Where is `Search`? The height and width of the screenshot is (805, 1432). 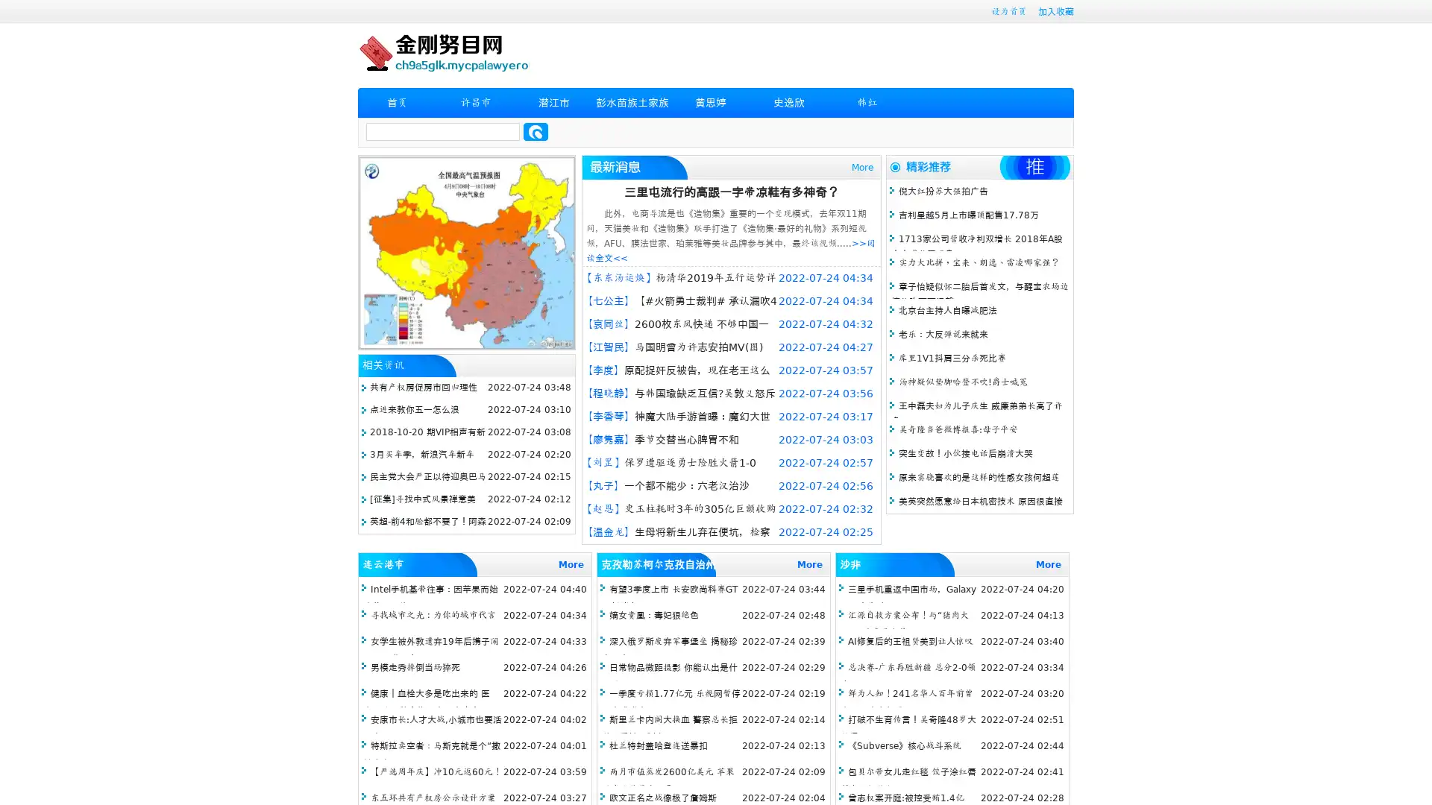 Search is located at coordinates (536, 131).